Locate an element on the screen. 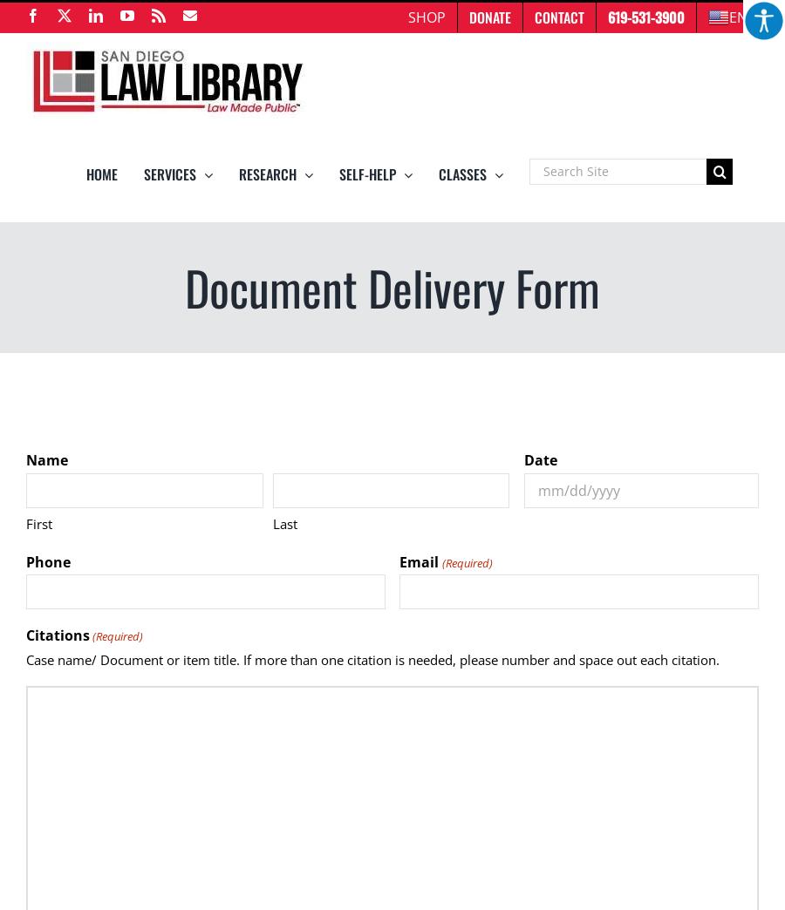 The width and height of the screenshot is (785, 910). 'Date' is located at coordinates (541, 458).